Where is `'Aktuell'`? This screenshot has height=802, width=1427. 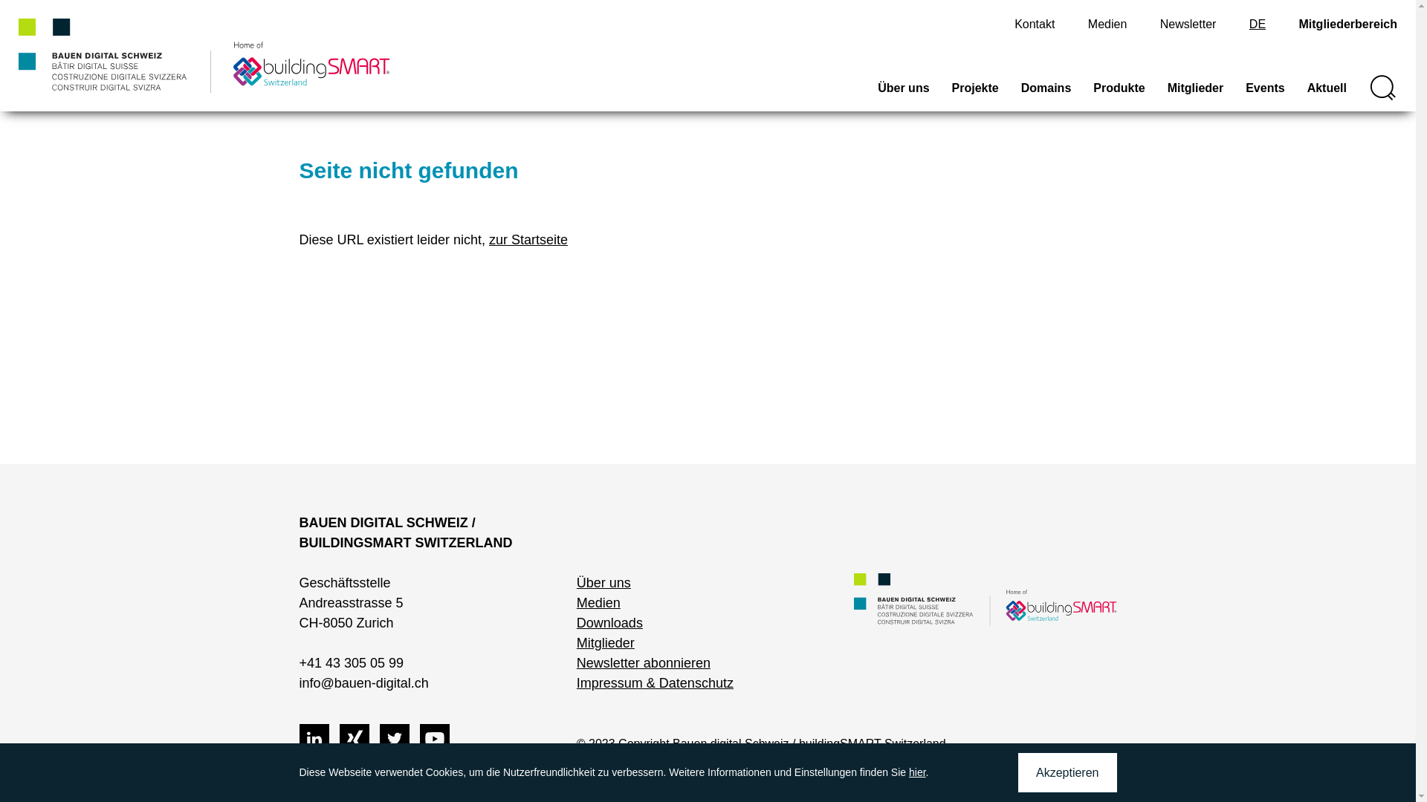
'Aktuell' is located at coordinates (1327, 94).